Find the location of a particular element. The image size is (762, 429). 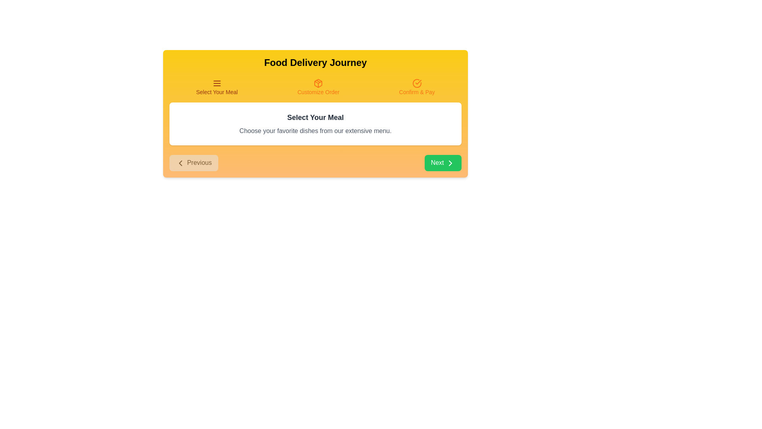

the chevron-shaped right arrow icon located within the green 'Next' button at the bottom right of the interface to proceed is located at coordinates (450, 162).